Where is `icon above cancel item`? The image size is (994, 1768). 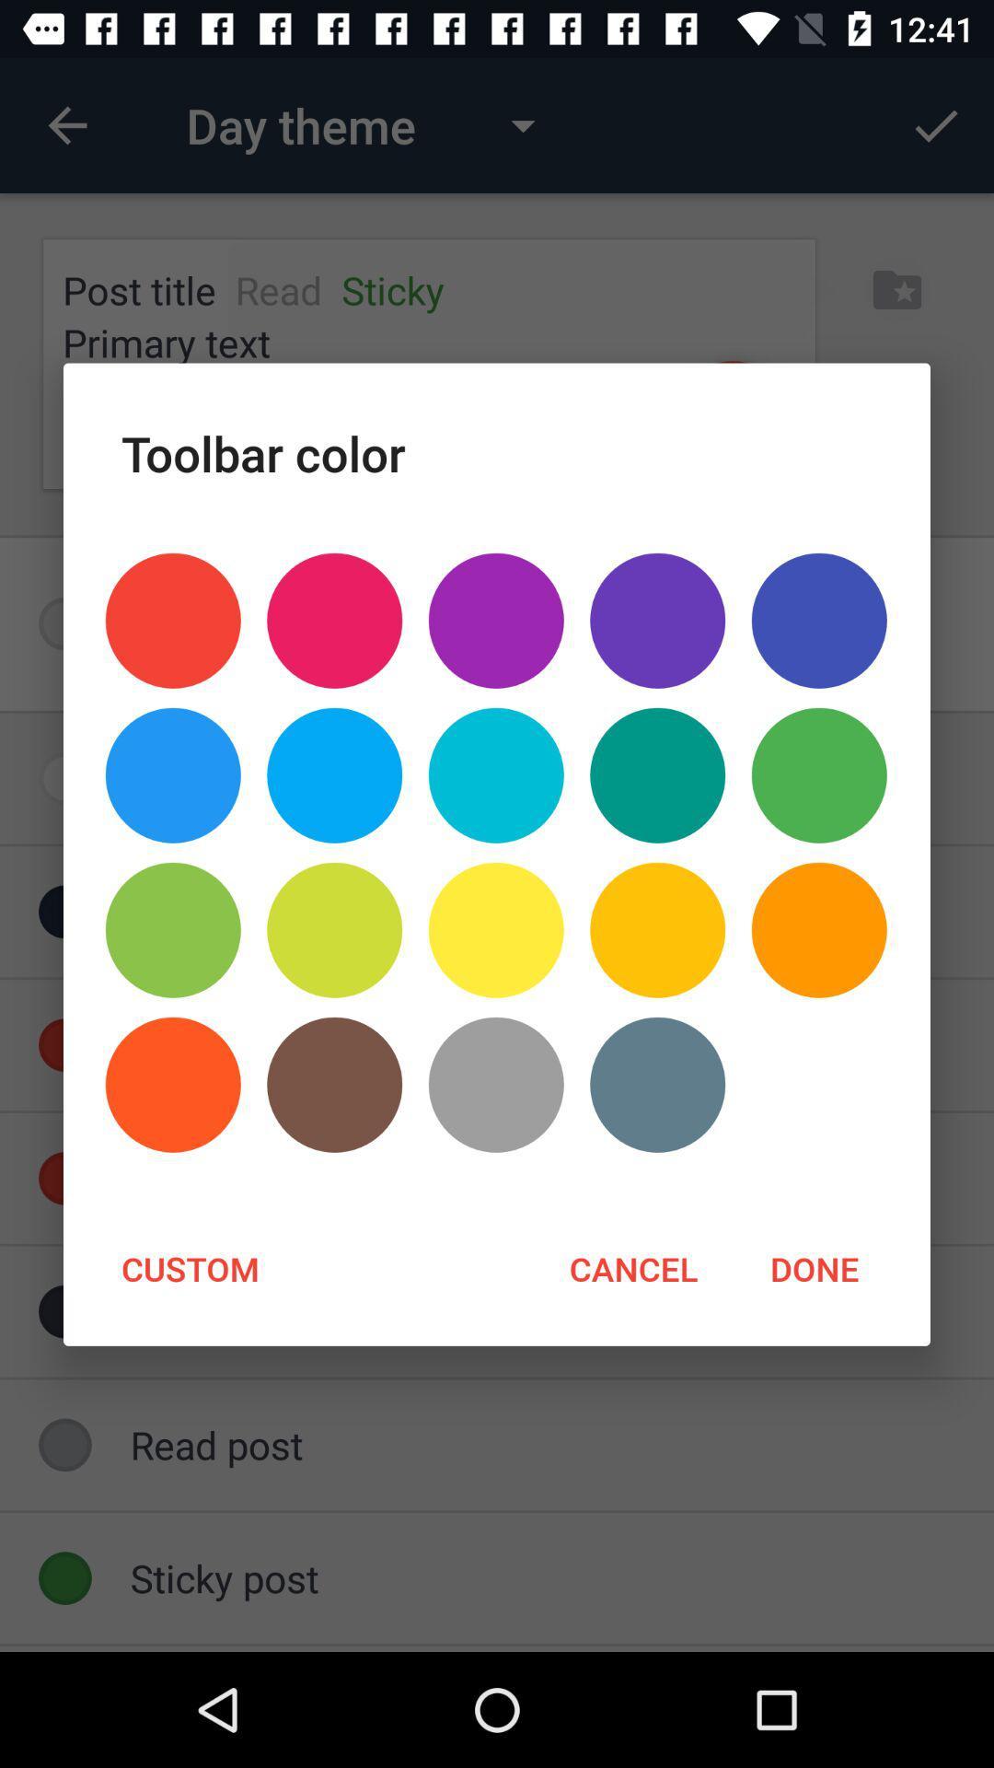 icon above cancel item is located at coordinates (495, 1085).